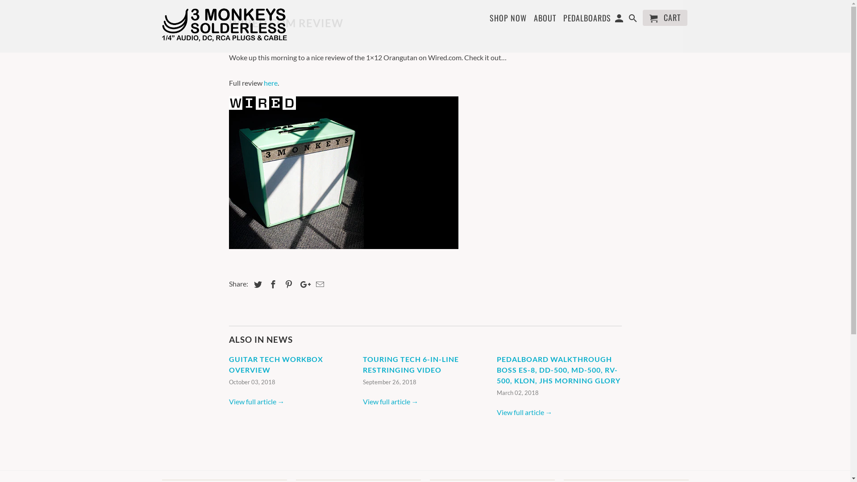 This screenshot has height=482, width=857. Describe the element at coordinates (319, 284) in the screenshot. I see `'Email this to a friend'` at that location.